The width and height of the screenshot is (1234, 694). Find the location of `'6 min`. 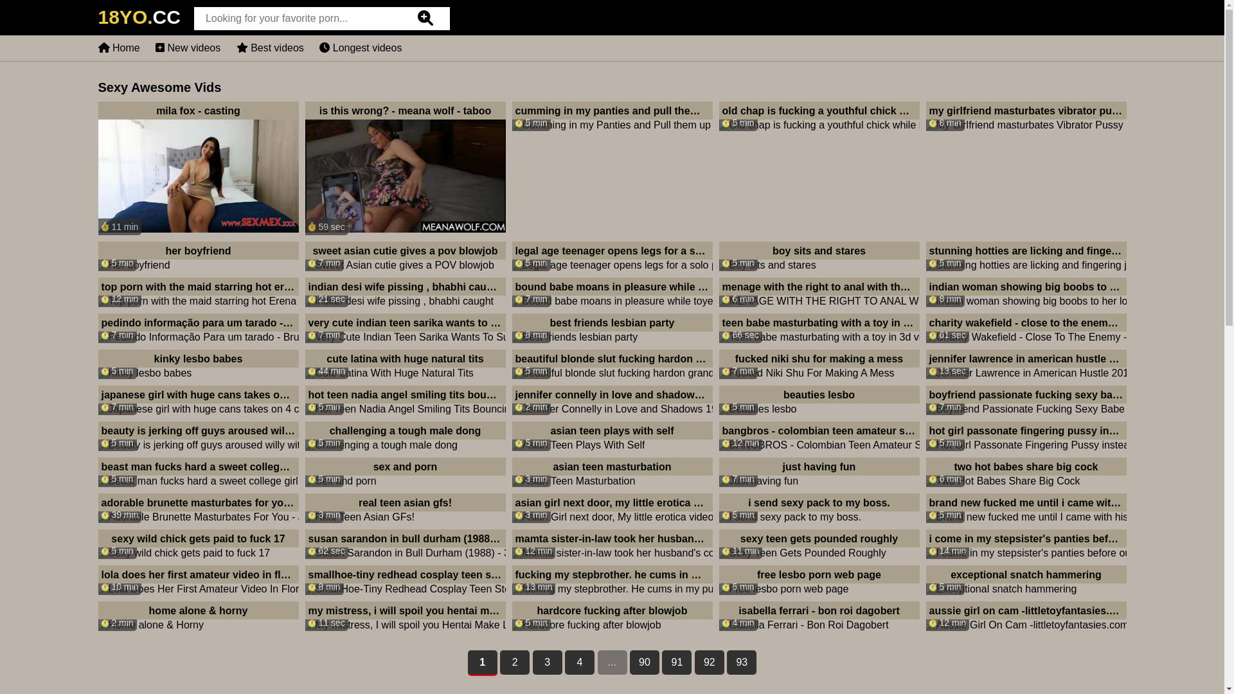

'6 min is located at coordinates (1025, 472).